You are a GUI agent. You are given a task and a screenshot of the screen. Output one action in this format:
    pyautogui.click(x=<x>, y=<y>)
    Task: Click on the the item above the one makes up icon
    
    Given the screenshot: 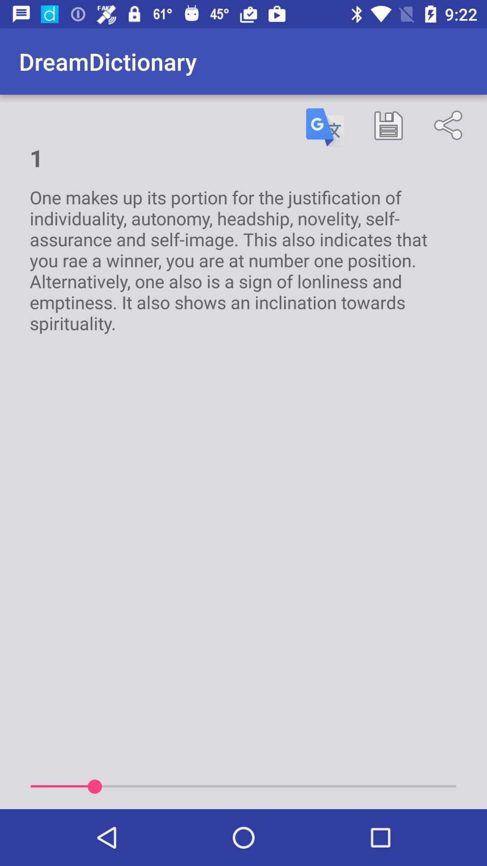 What is the action you would take?
    pyautogui.click(x=325, y=127)
    